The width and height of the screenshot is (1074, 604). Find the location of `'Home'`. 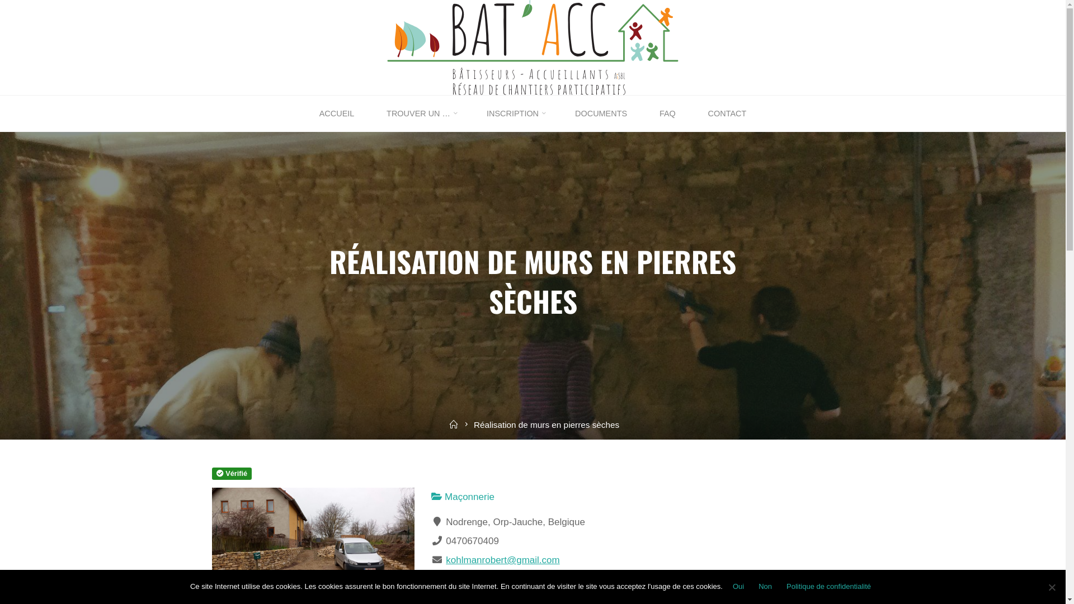

'Home' is located at coordinates (454, 424).